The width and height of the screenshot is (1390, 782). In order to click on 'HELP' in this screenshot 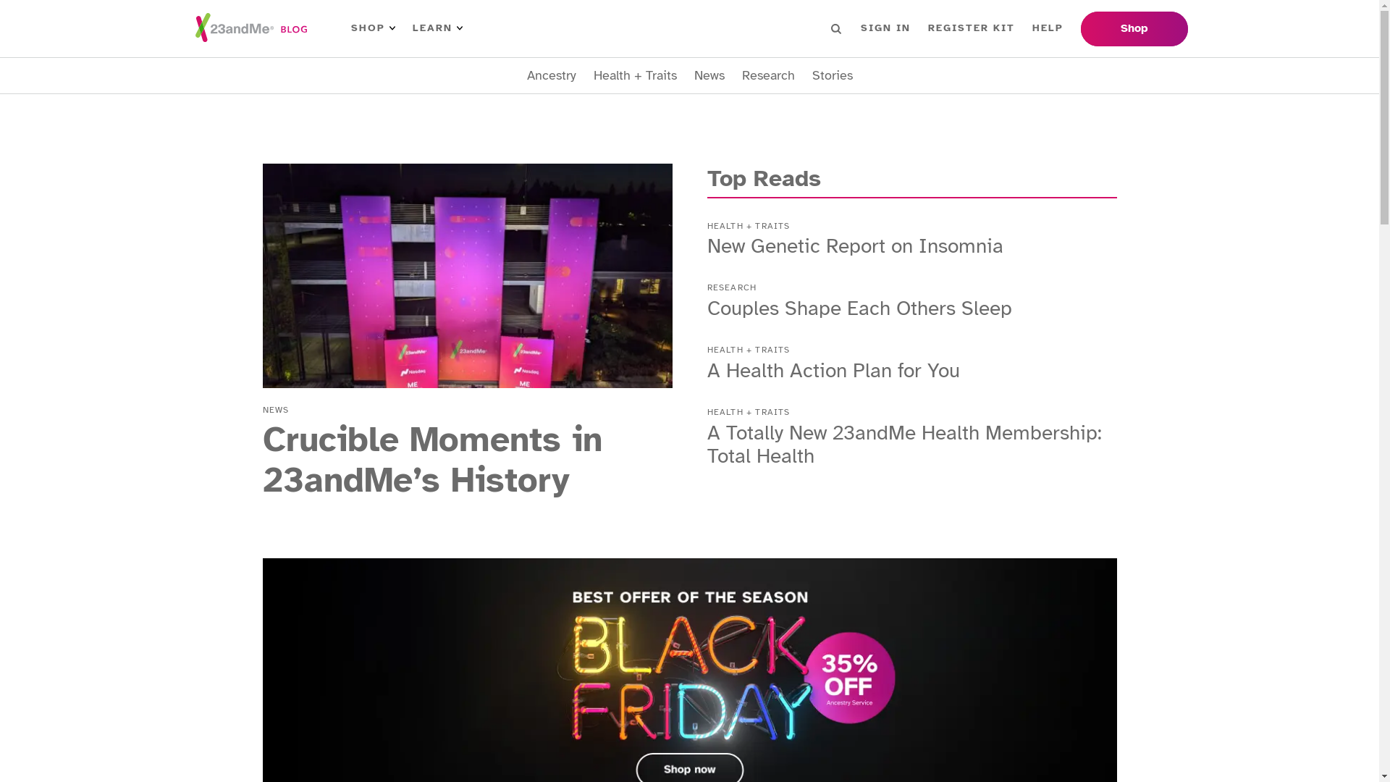, I will do `click(1048, 28)`.